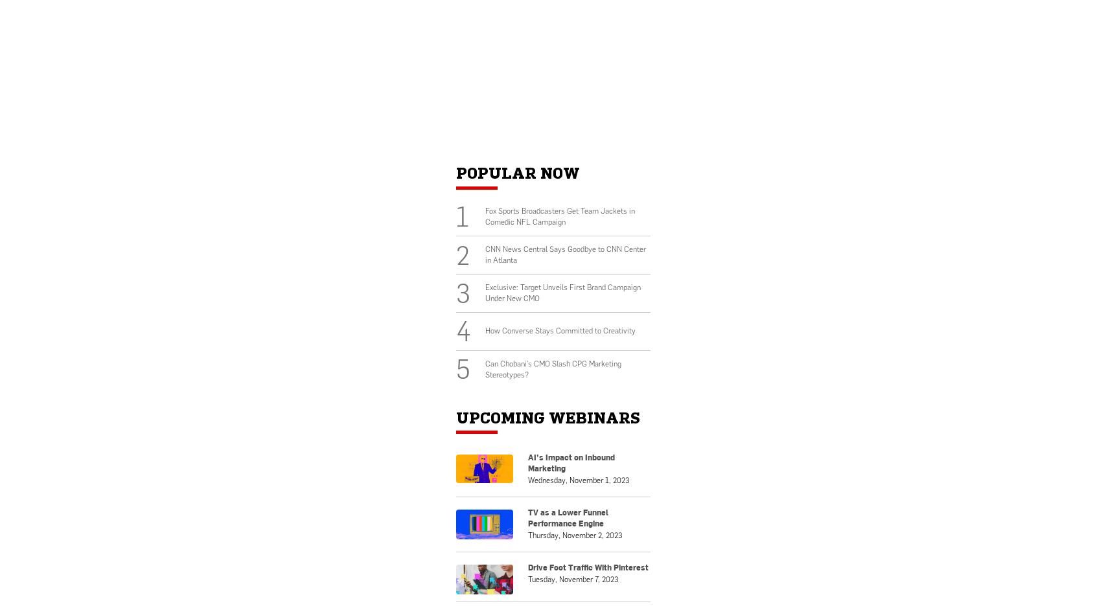  What do you see at coordinates (517, 172) in the screenshot?
I see `'Popular Now'` at bounding box center [517, 172].